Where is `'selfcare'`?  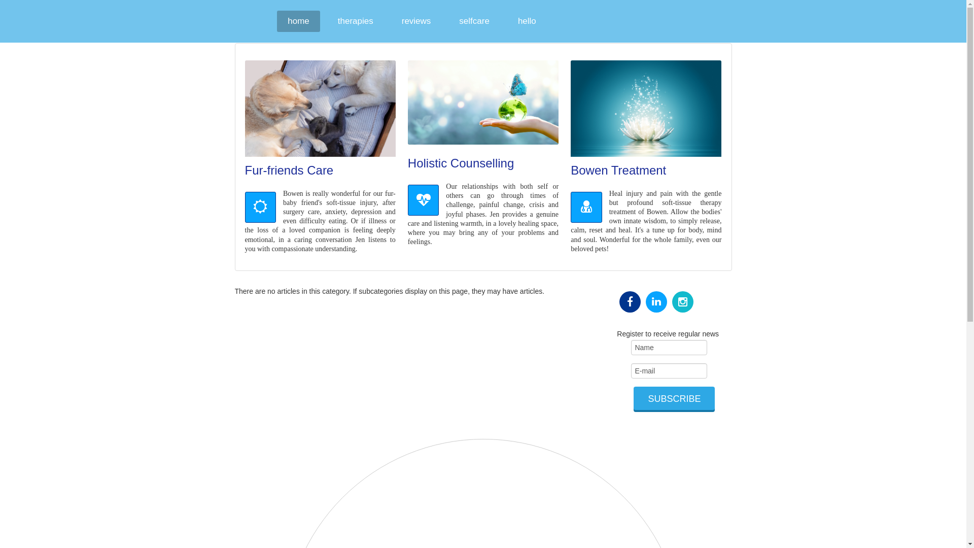 'selfcare' is located at coordinates (474, 21).